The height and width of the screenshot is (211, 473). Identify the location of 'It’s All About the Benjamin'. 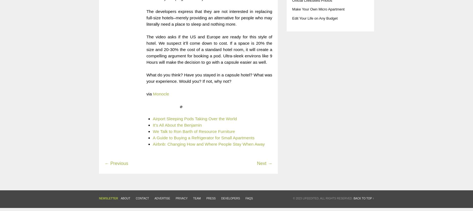
(177, 125).